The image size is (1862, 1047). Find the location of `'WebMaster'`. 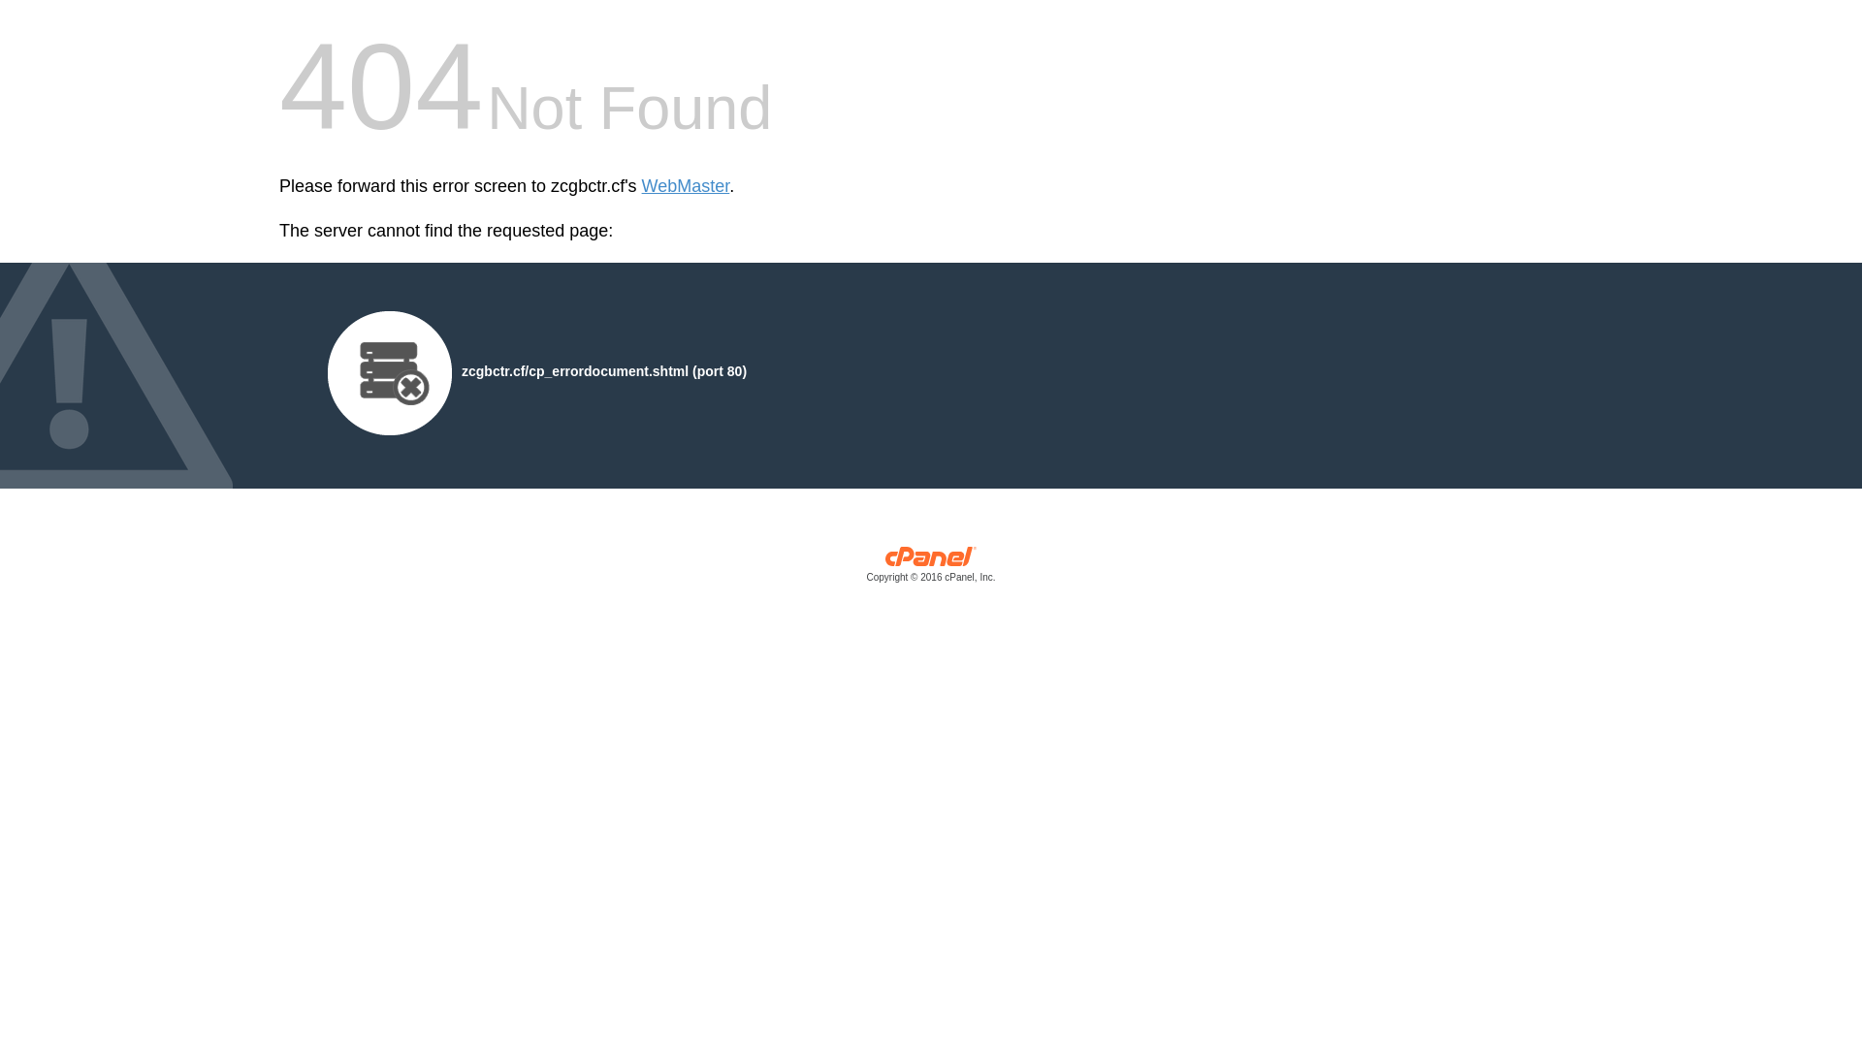

'WebMaster' is located at coordinates (686, 186).